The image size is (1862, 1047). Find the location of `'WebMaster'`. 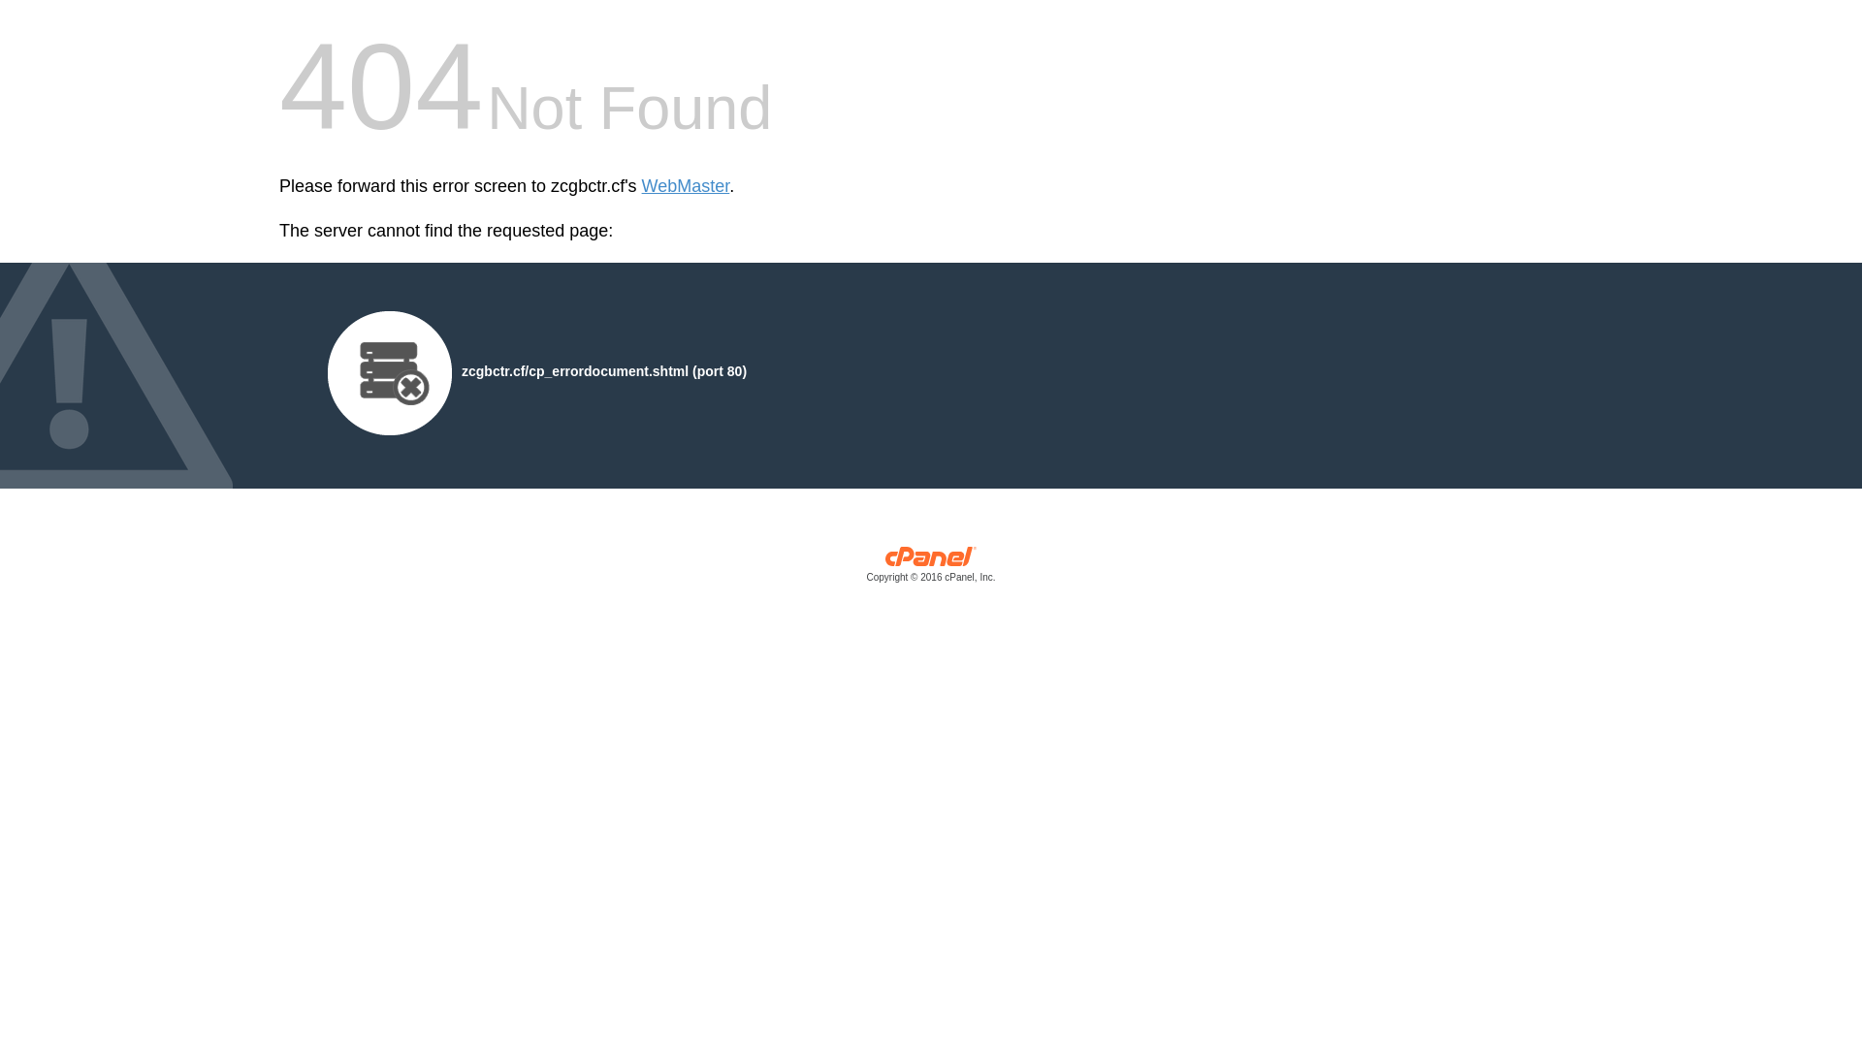

'WebMaster' is located at coordinates (686, 186).